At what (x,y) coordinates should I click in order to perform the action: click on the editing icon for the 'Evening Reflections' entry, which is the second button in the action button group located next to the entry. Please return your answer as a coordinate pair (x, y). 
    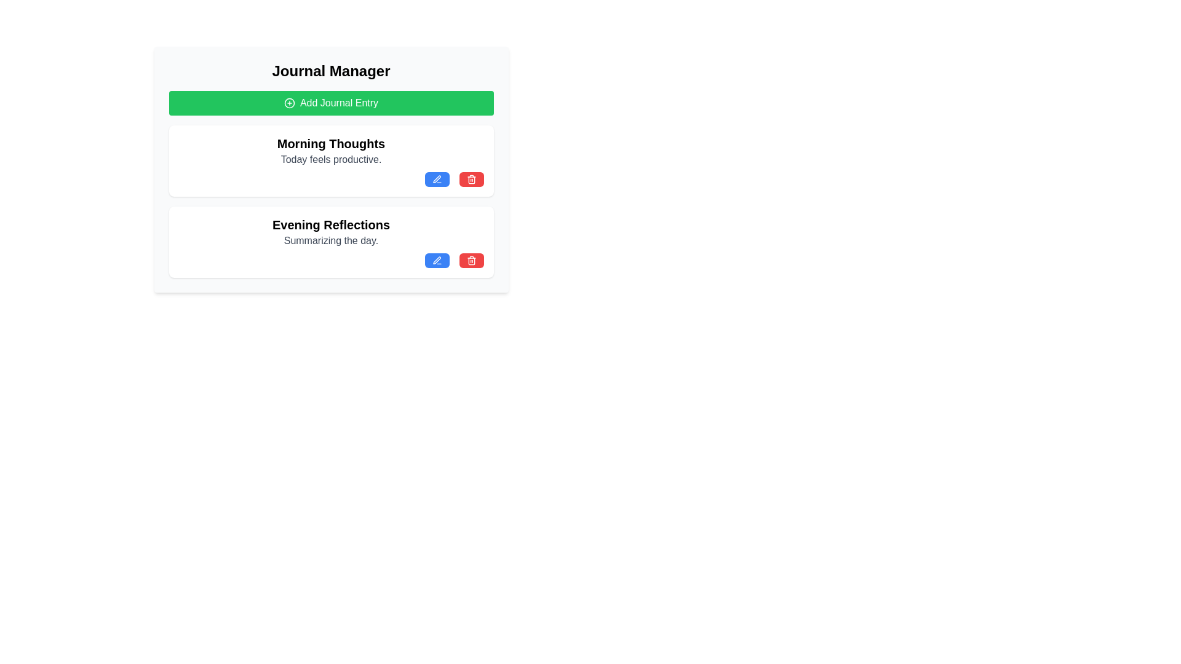
    Looking at the image, I should click on (437, 259).